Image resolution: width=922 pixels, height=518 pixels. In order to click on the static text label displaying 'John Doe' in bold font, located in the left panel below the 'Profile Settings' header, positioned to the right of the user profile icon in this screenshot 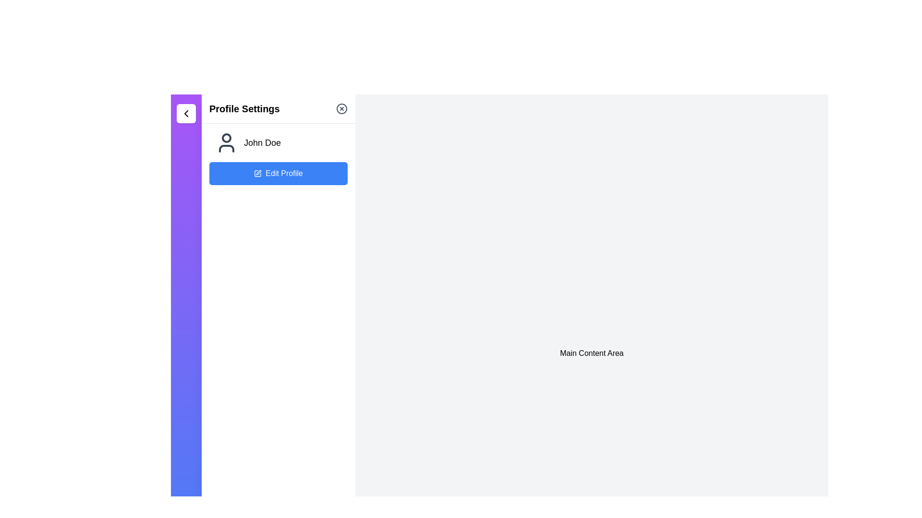, I will do `click(262, 142)`.